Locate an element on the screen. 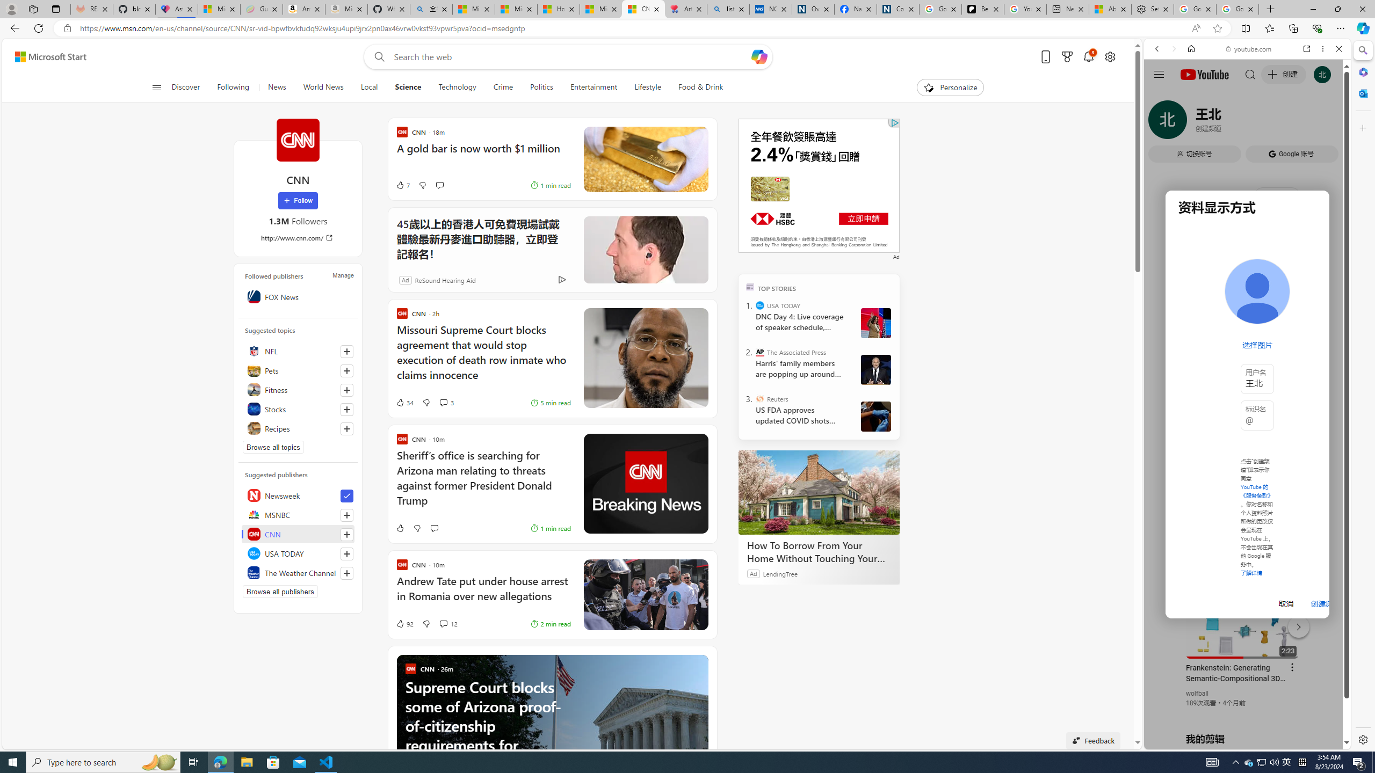  'Microsoft rewards' is located at coordinates (1066, 57).